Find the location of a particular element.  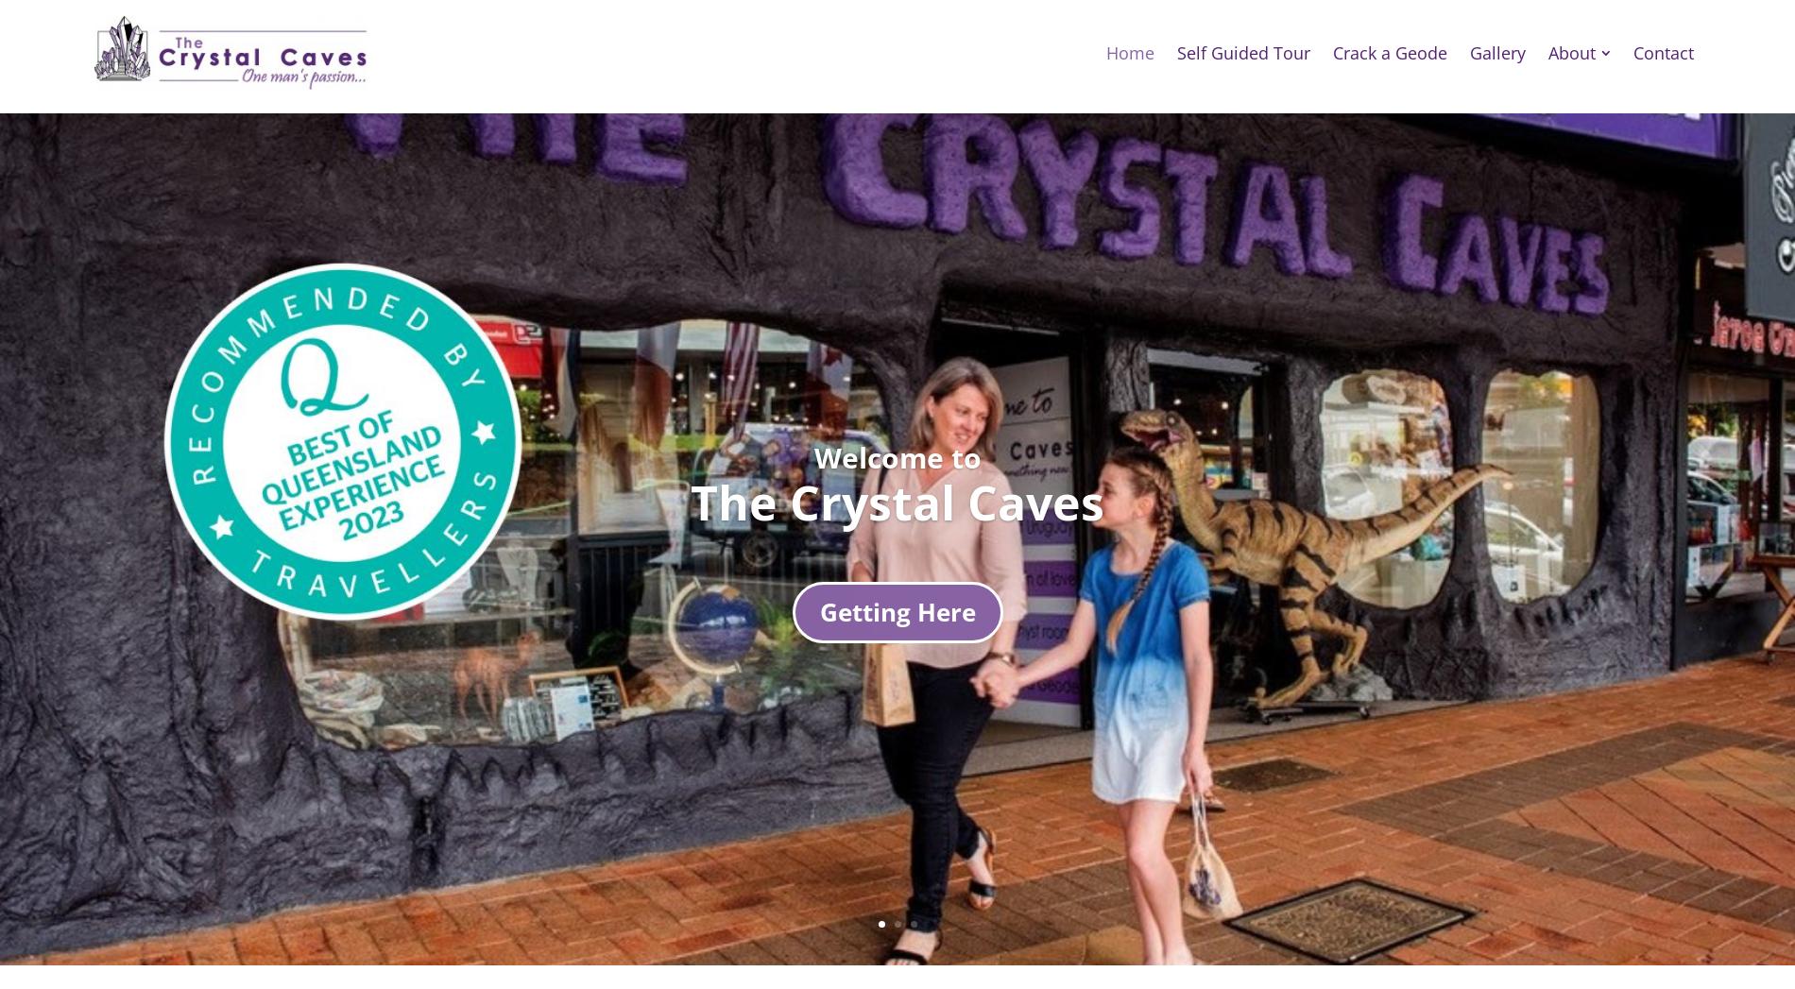

'Contact' is located at coordinates (1633, 61).